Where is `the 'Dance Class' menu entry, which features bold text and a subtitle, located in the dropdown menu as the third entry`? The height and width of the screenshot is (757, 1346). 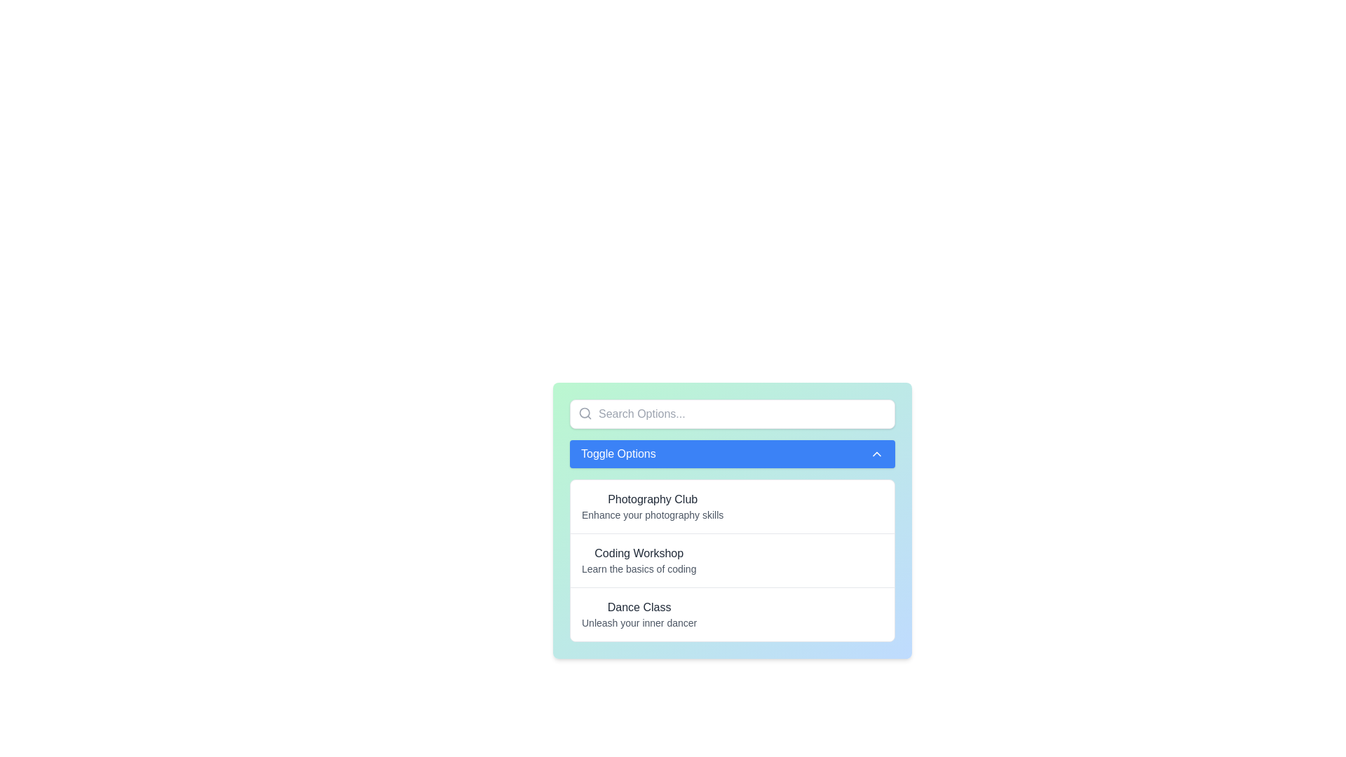
the 'Dance Class' menu entry, which features bold text and a subtitle, located in the dropdown menu as the third entry is located at coordinates (639, 613).